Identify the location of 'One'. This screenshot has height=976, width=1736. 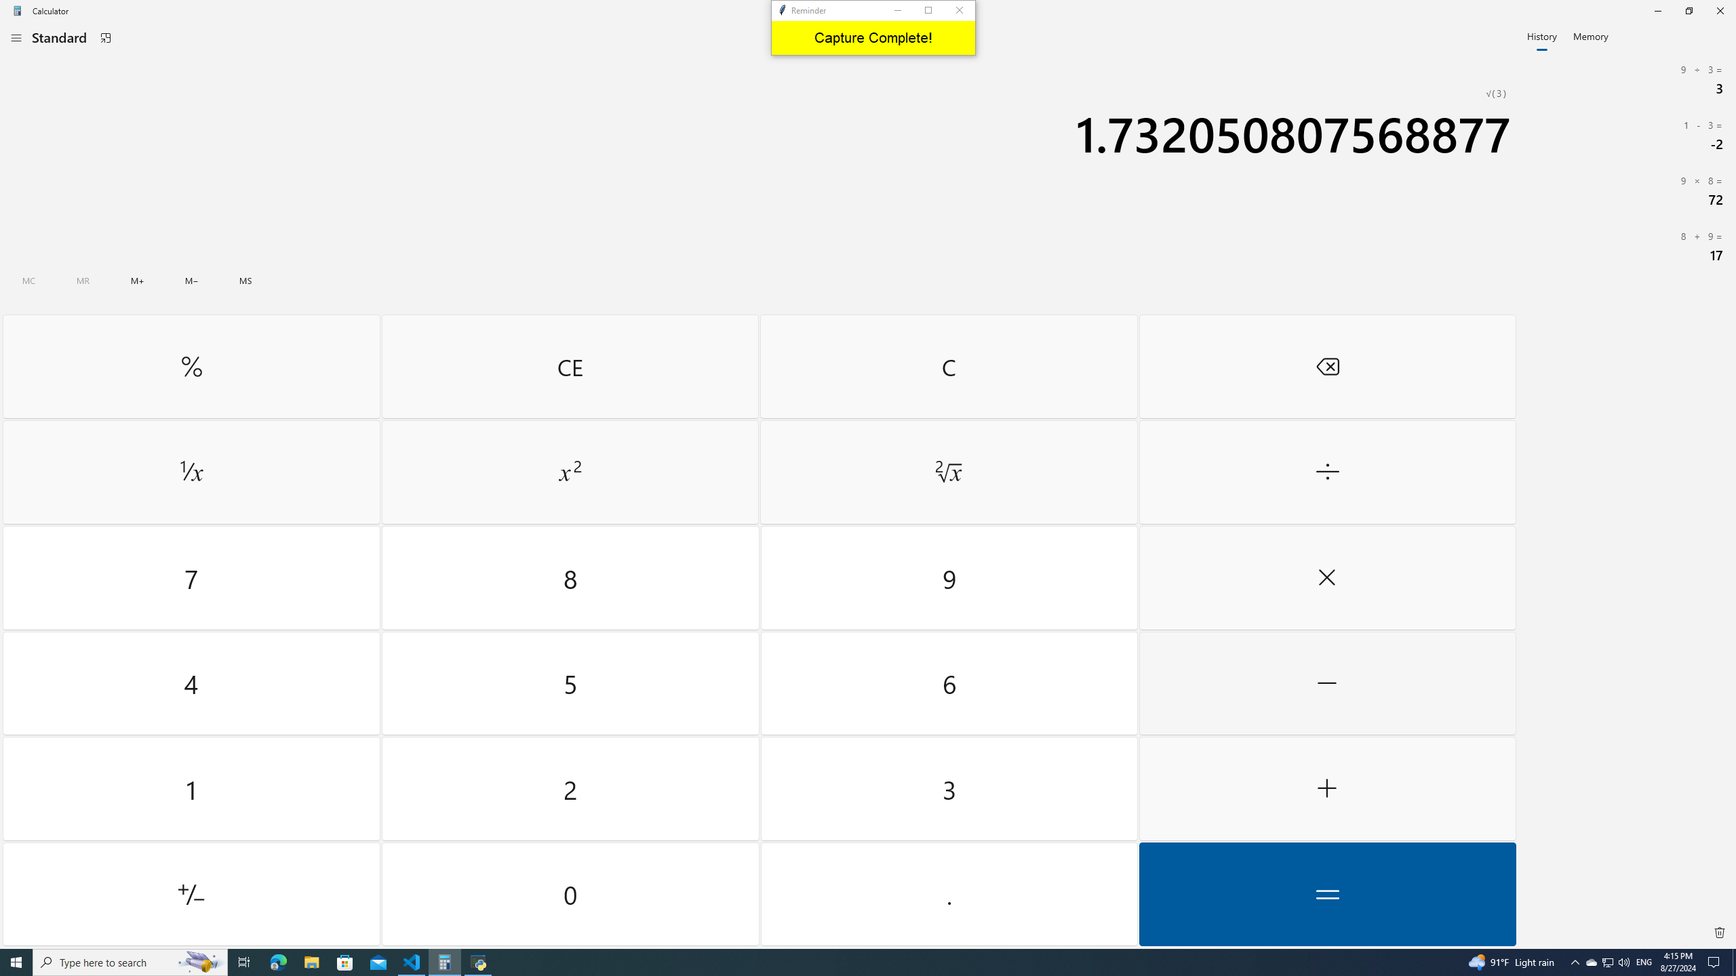
(191, 789).